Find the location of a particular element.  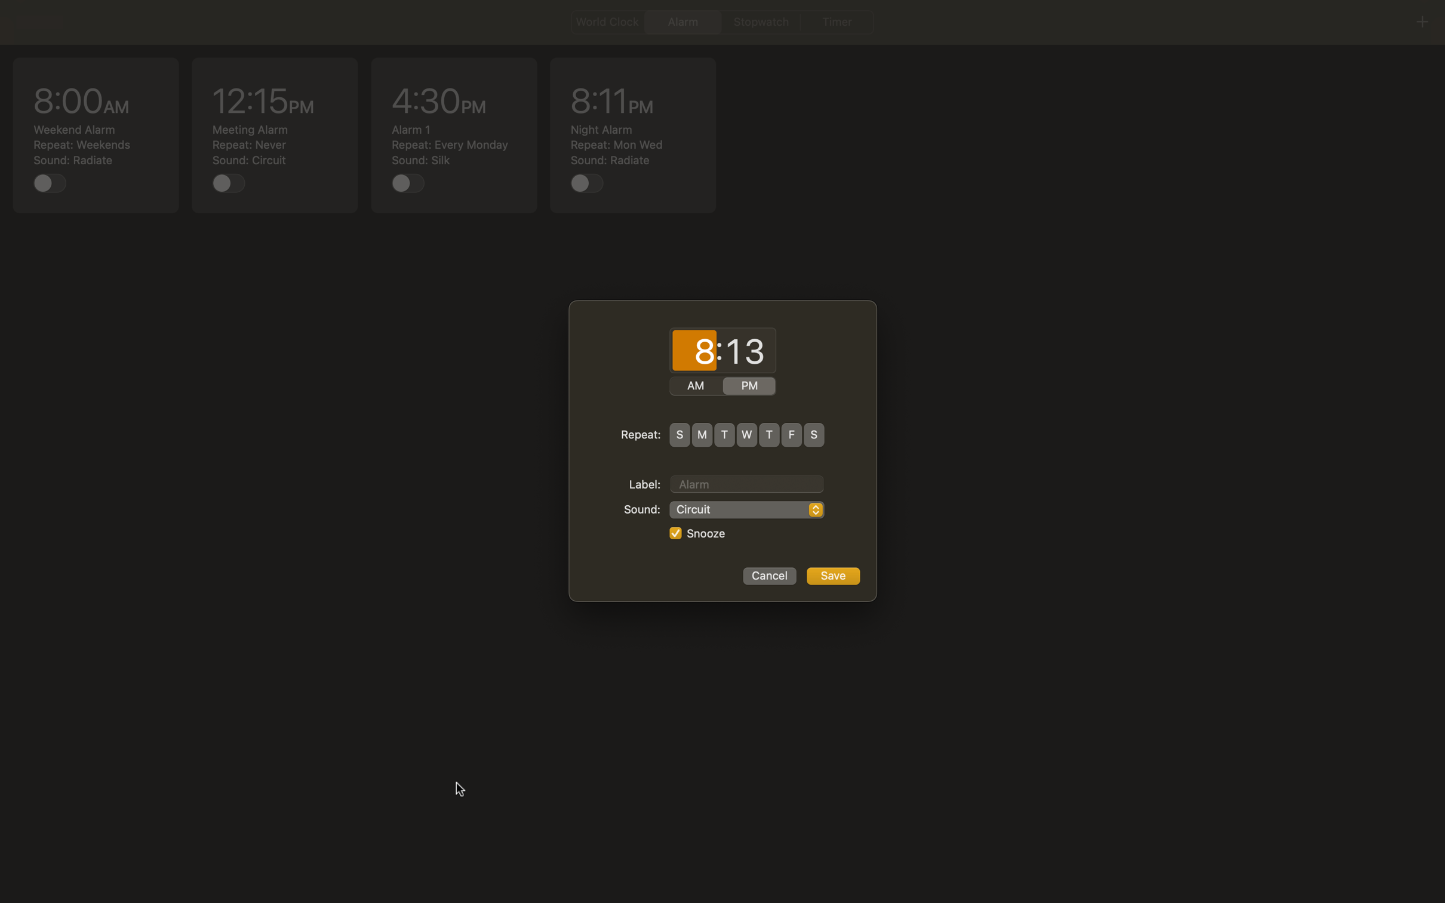

Disable snooze is located at coordinates (674, 533).